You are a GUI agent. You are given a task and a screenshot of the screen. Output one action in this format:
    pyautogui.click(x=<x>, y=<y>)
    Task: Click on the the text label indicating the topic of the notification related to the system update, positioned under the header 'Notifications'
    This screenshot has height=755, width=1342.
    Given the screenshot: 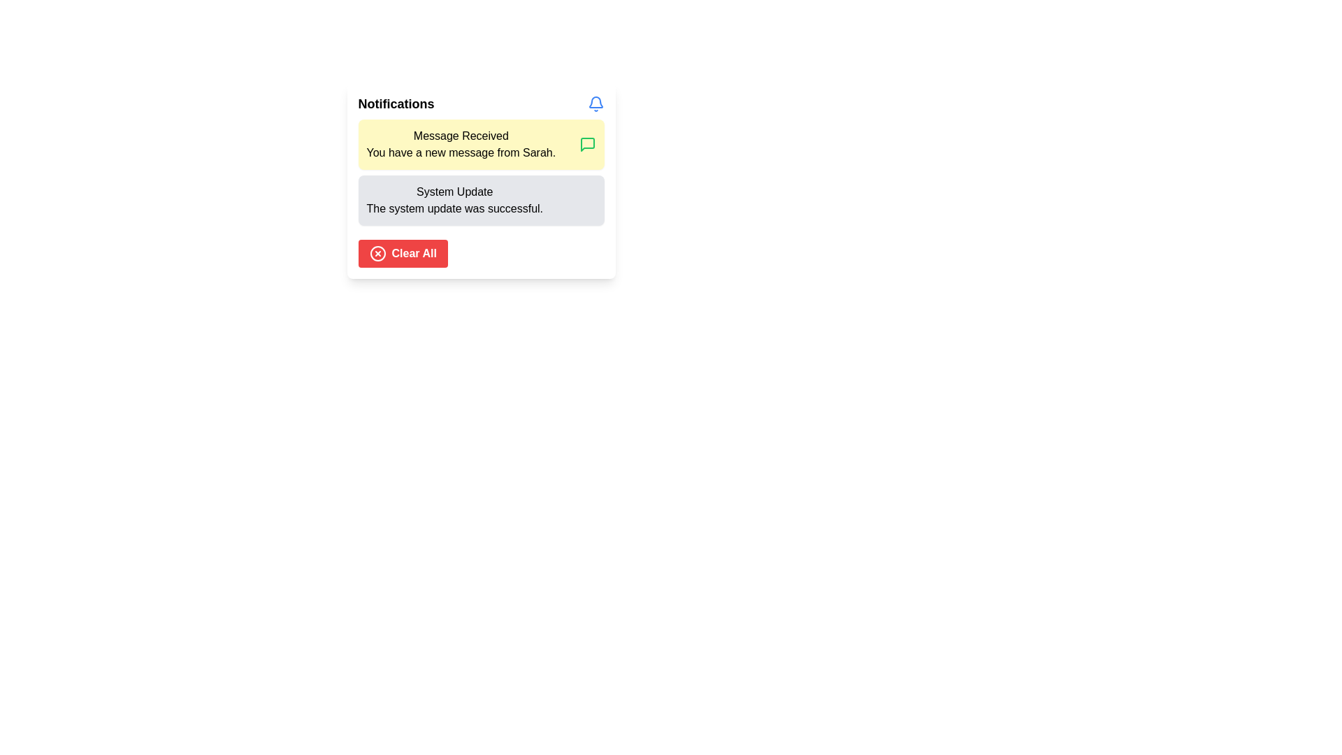 What is the action you would take?
    pyautogui.click(x=454, y=192)
    